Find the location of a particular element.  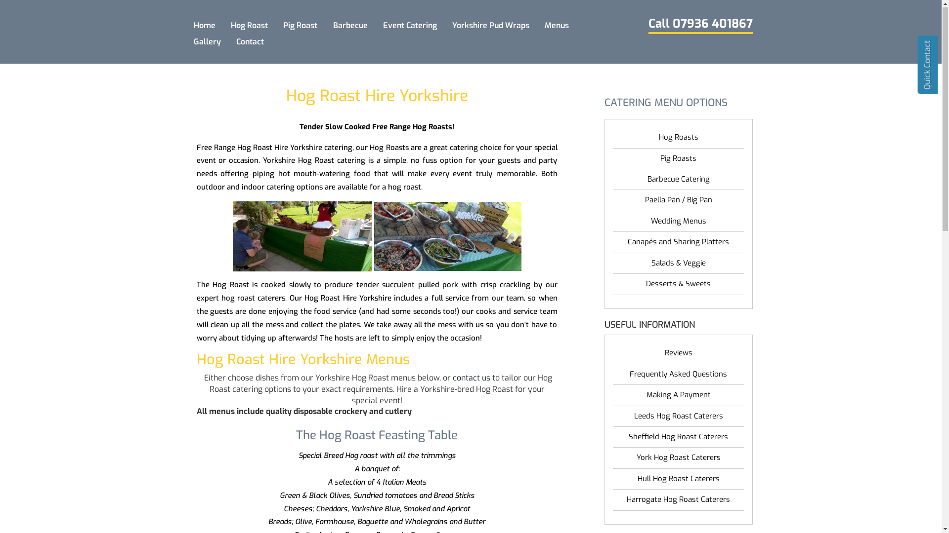

'Desserts & Sweets' is located at coordinates (678, 284).